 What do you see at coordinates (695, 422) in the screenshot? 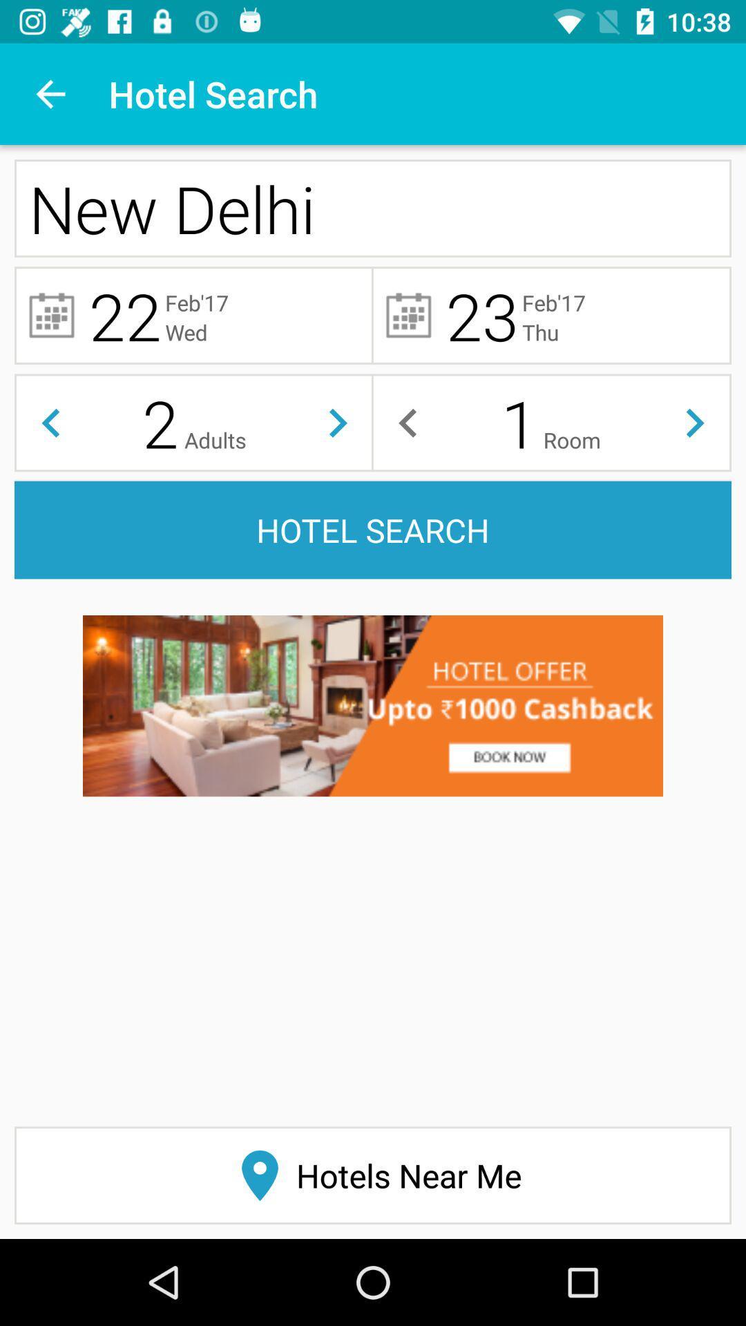
I see `autoplay option` at bounding box center [695, 422].